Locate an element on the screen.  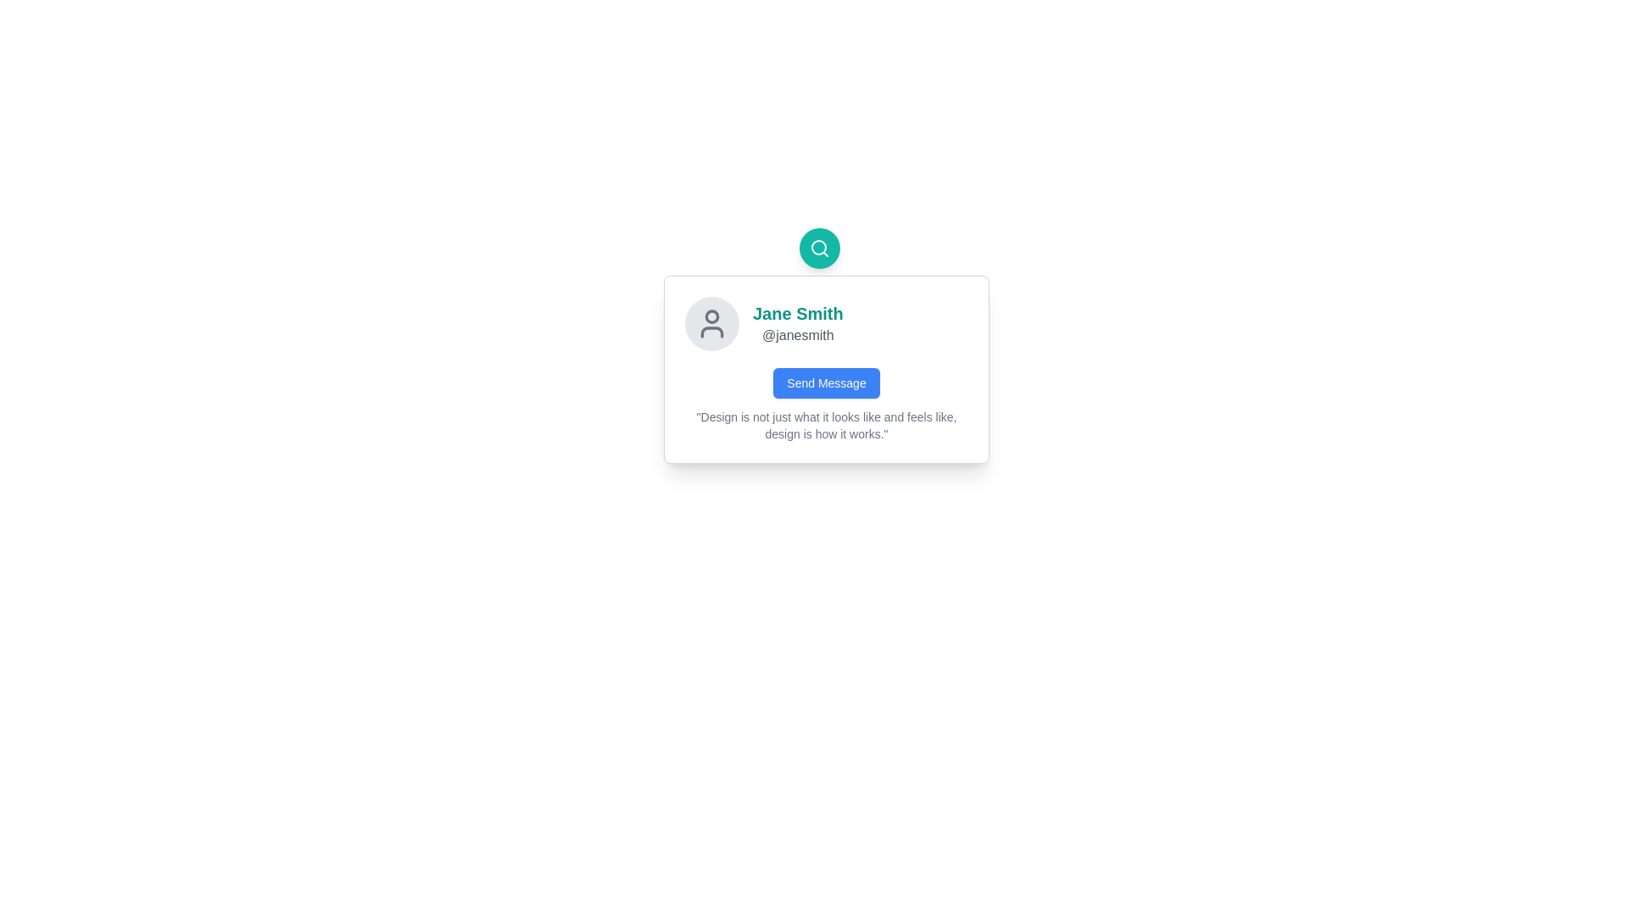
the profile information display that shows the user's full name and username, located to the right of the circular profile icon is located at coordinates (797, 323).